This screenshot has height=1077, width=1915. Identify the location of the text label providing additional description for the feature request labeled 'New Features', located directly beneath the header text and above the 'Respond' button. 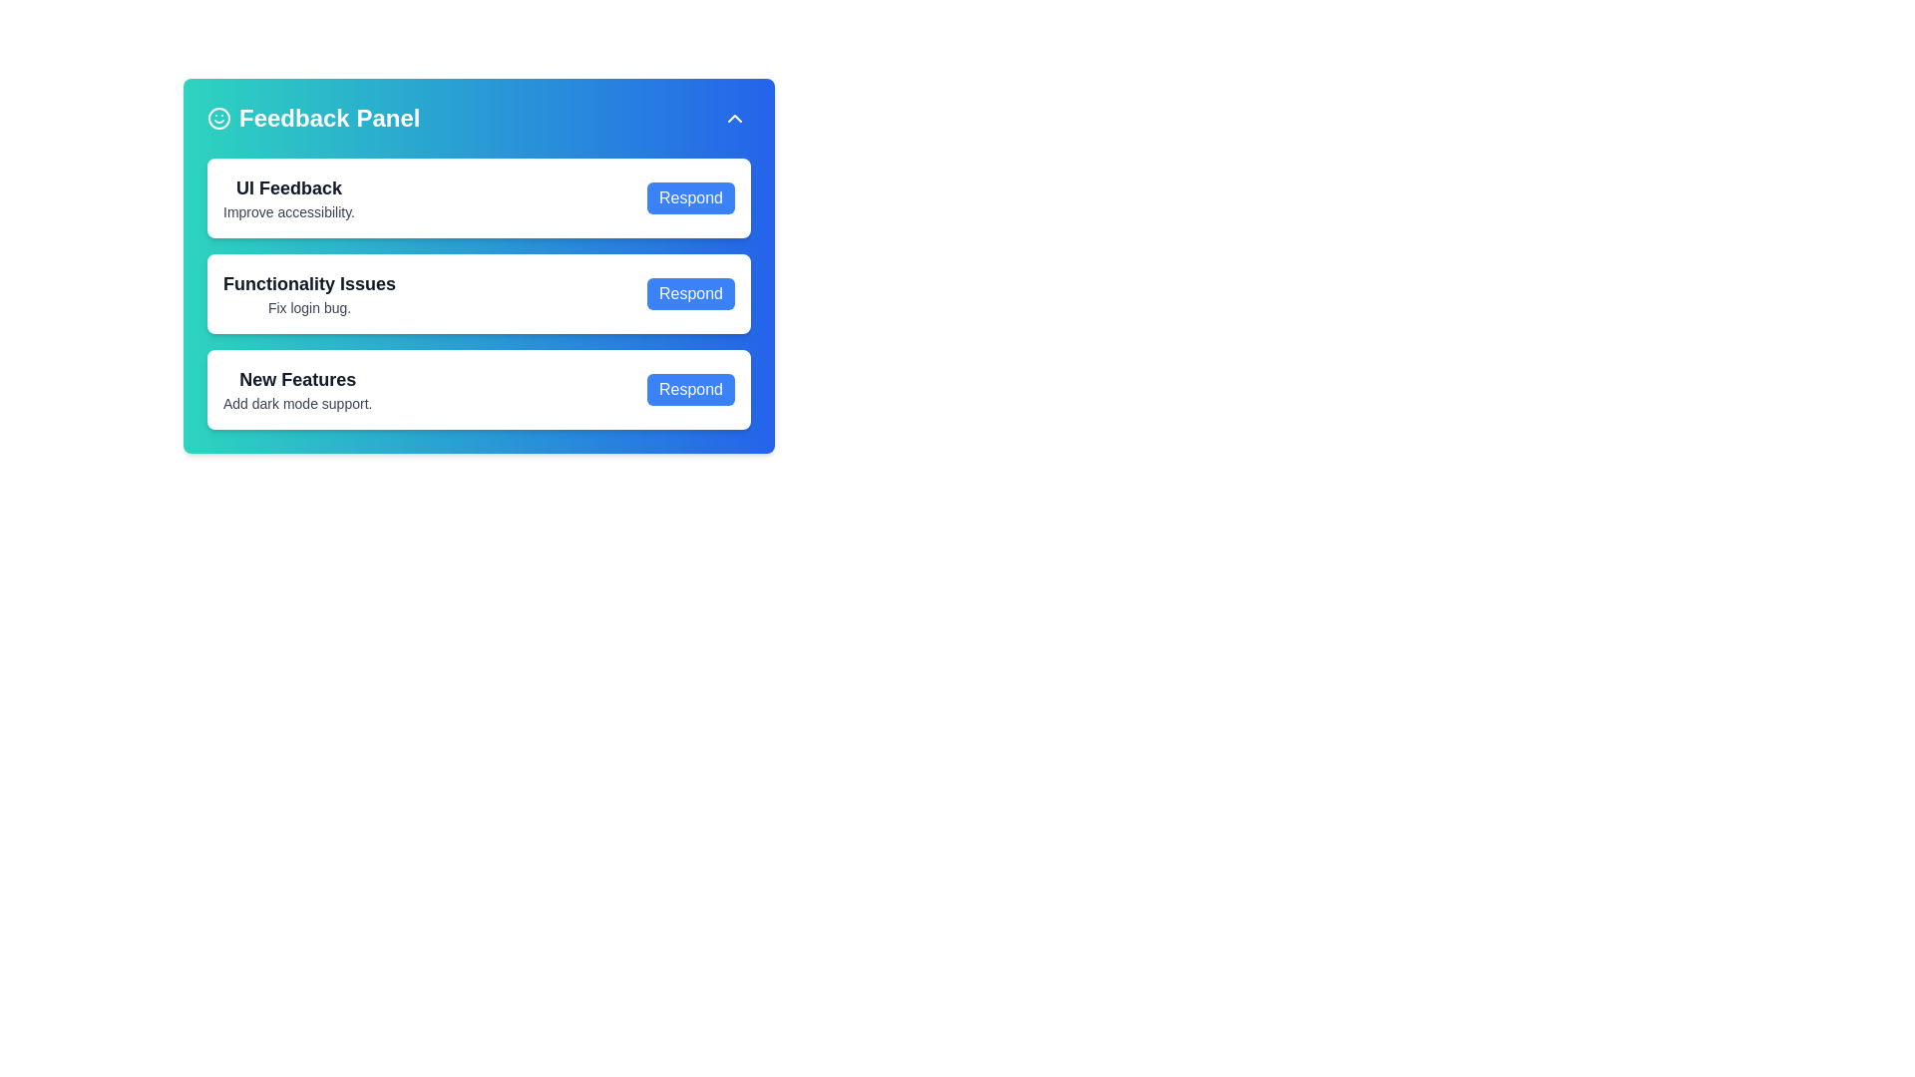
(296, 404).